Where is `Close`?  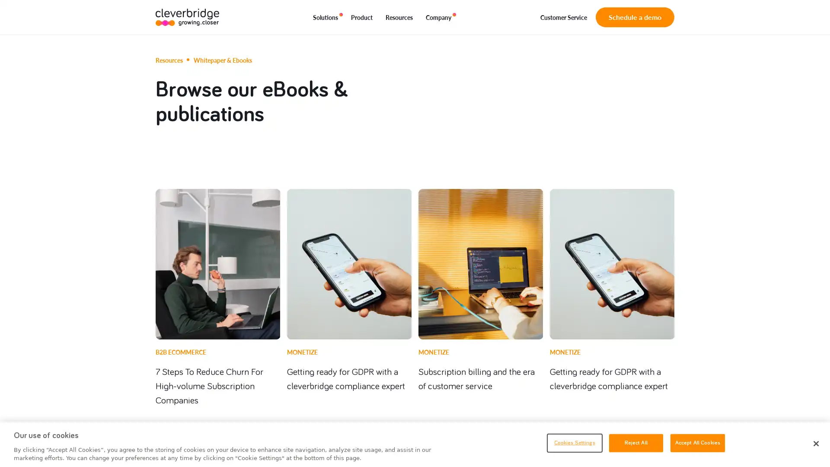
Close is located at coordinates (815, 444).